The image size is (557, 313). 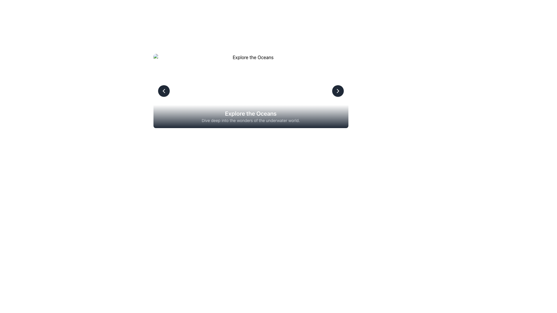 What do you see at coordinates (163, 91) in the screenshot?
I see `the circular button with a left-pointing chevron` at bounding box center [163, 91].